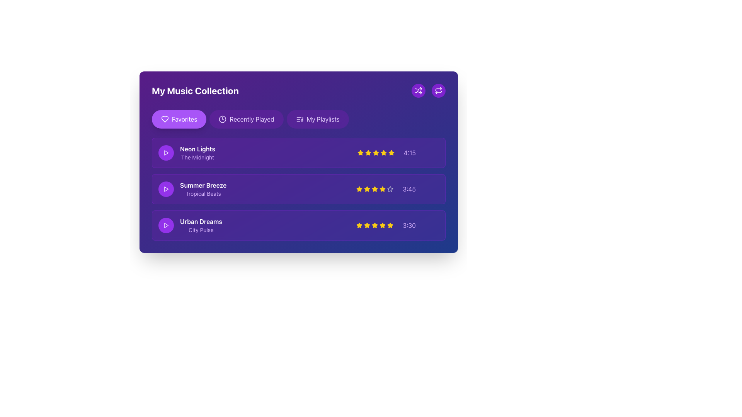  Describe the element at coordinates (432, 225) in the screenshot. I see `the button located in the lower-right corner of the 'Urban Dreams' song entry row, which provides access to additional options or actions for the song` at that location.